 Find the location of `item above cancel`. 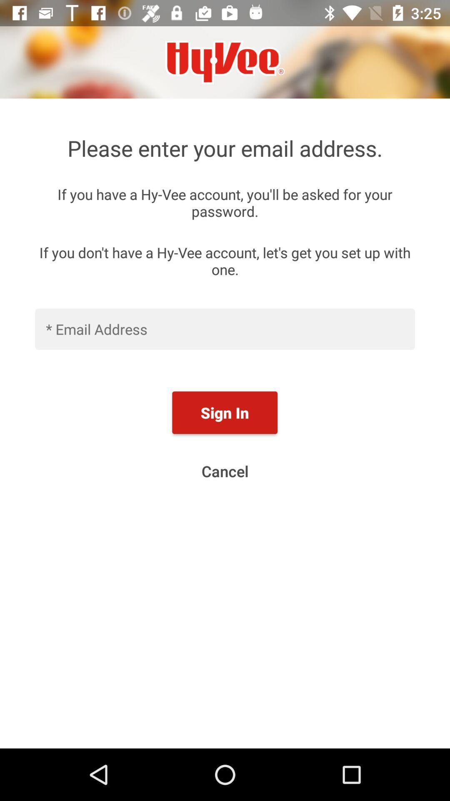

item above cancel is located at coordinates (224, 413).